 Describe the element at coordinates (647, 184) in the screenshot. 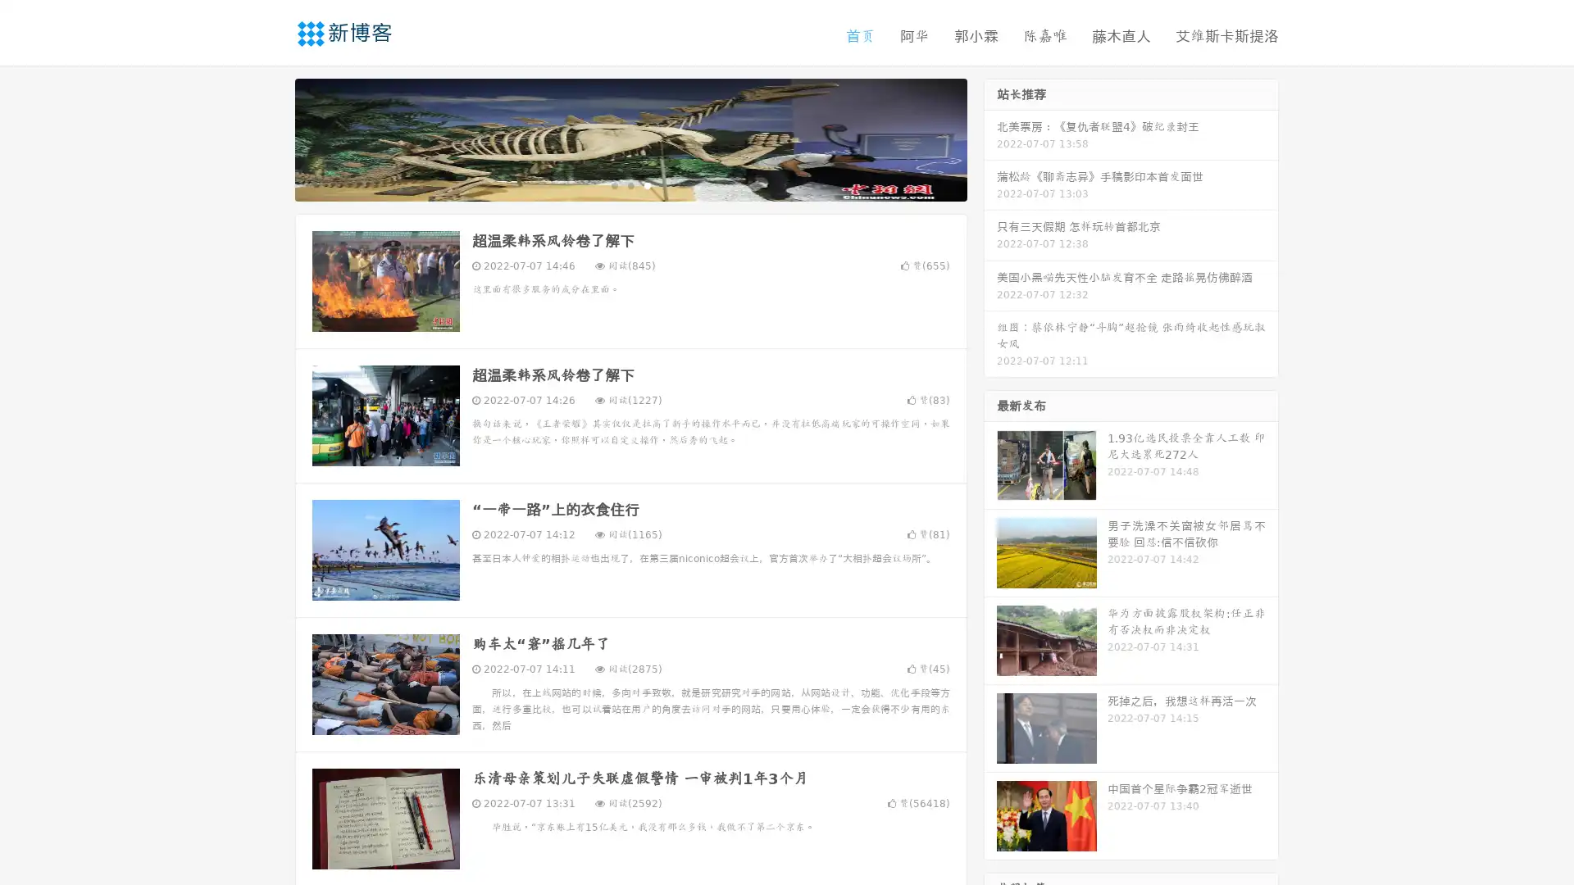

I see `Go to slide 3` at that location.